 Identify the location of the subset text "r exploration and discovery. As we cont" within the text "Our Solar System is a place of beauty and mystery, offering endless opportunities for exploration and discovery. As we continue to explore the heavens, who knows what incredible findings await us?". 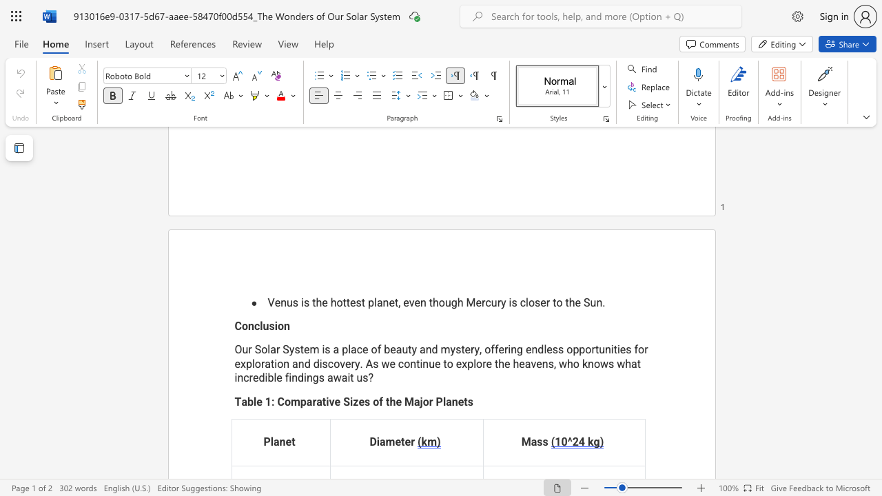
(644, 349).